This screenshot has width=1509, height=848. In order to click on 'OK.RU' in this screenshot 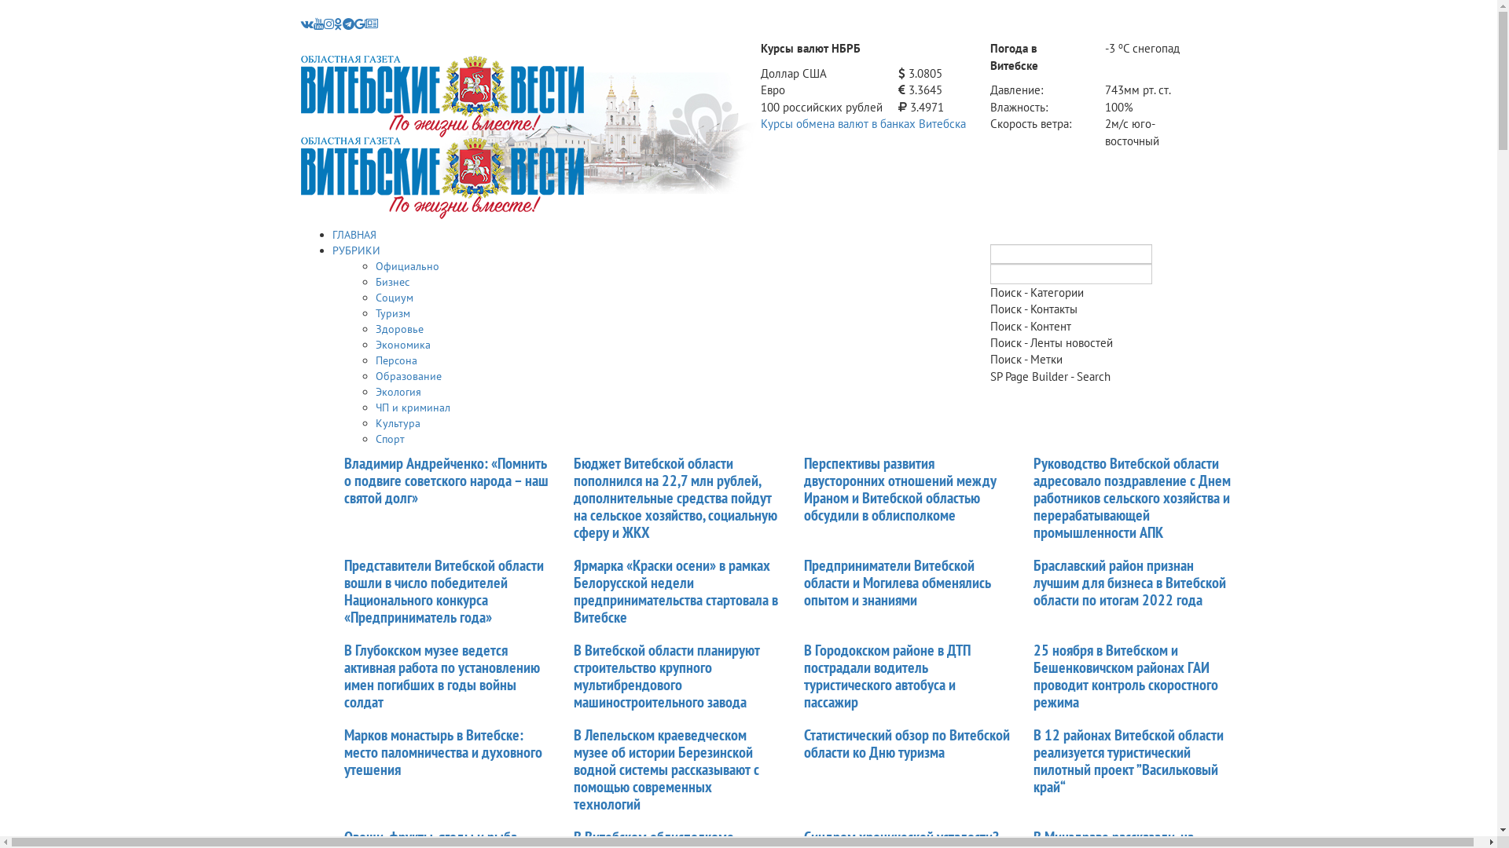, I will do `click(336, 24)`.